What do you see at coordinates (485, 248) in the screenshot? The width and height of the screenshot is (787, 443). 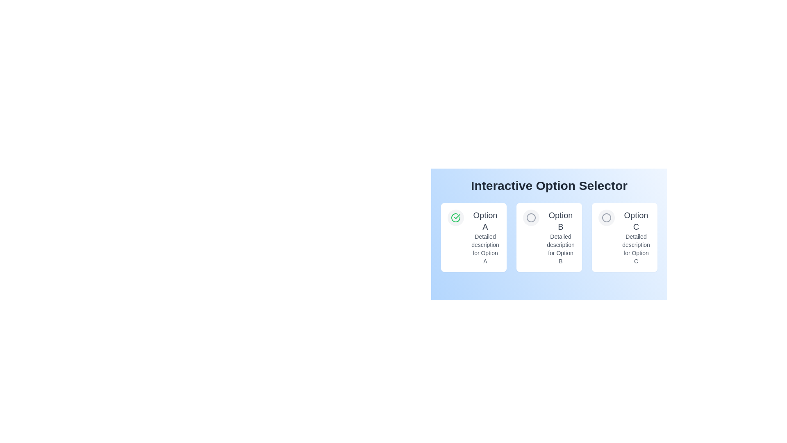 I see `the static text label providing detailed information about 'Option A', located directly below its title in the first option card` at bounding box center [485, 248].